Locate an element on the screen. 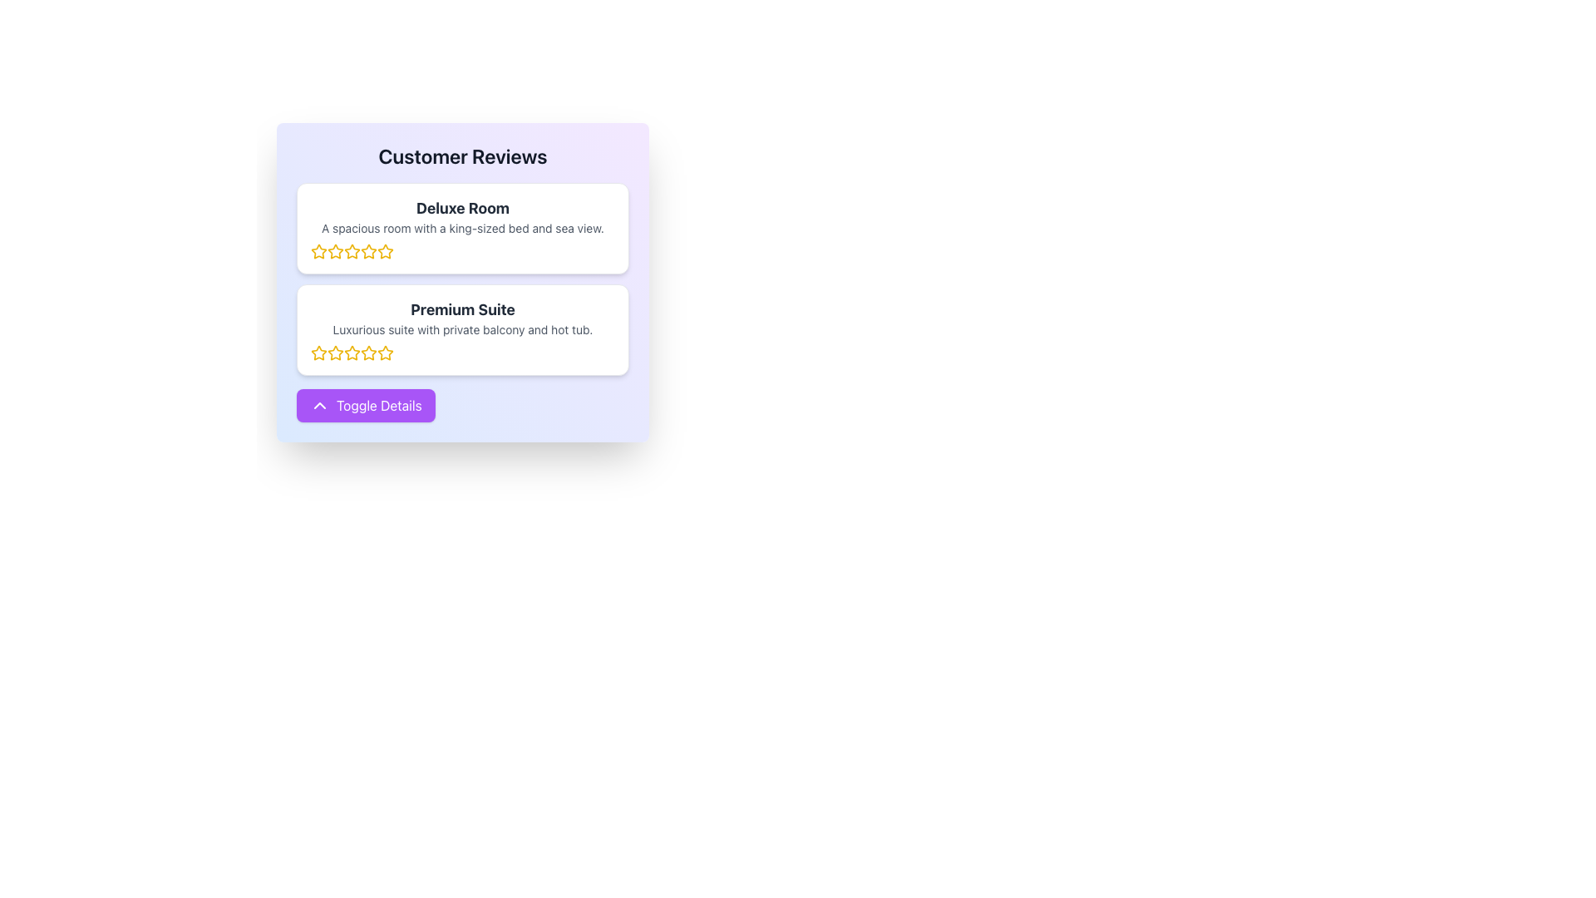 The height and width of the screenshot is (898, 1596). the third star is located at coordinates (334, 252).